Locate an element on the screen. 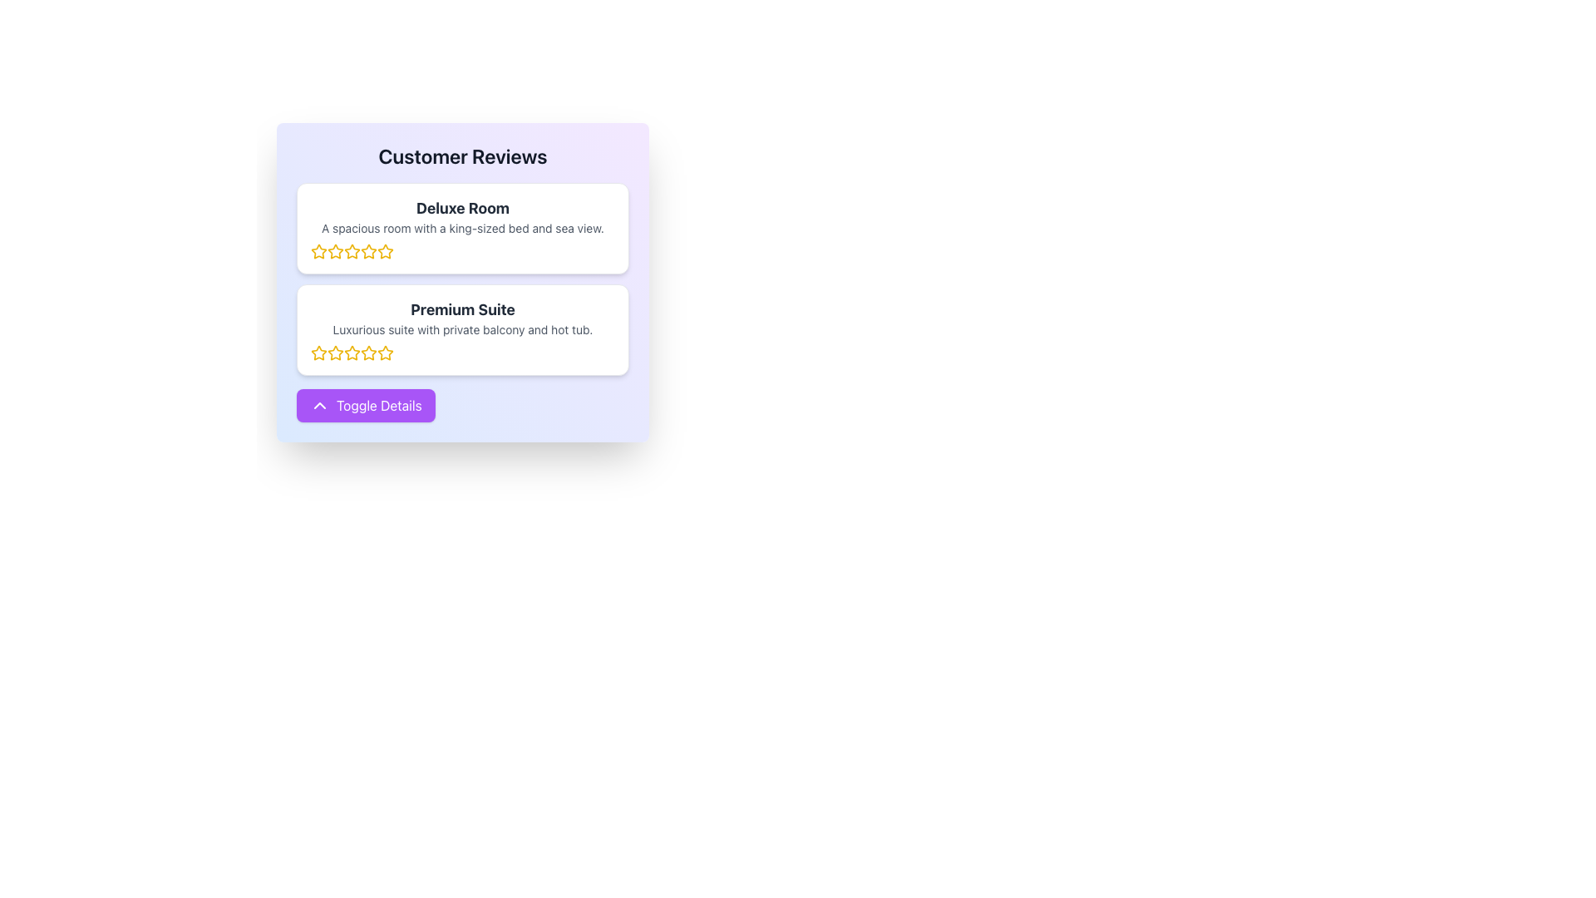 The height and width of the screenshot is (898, 1596). the third star is located at coordinates (334, 252).